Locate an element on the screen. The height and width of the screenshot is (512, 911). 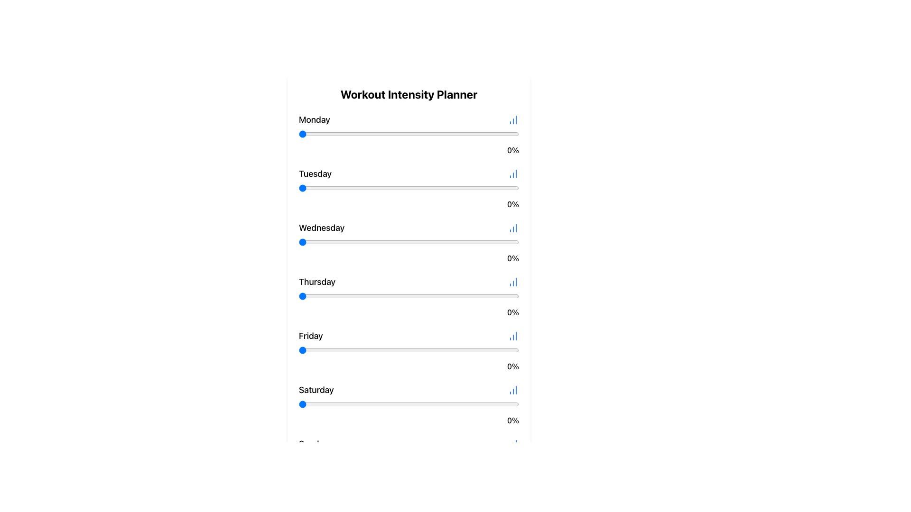
the graphical details of the Row label for 'Monday' in the Workout Intensity Planner, which includes text and an icon is located at coordinates (409, 119).